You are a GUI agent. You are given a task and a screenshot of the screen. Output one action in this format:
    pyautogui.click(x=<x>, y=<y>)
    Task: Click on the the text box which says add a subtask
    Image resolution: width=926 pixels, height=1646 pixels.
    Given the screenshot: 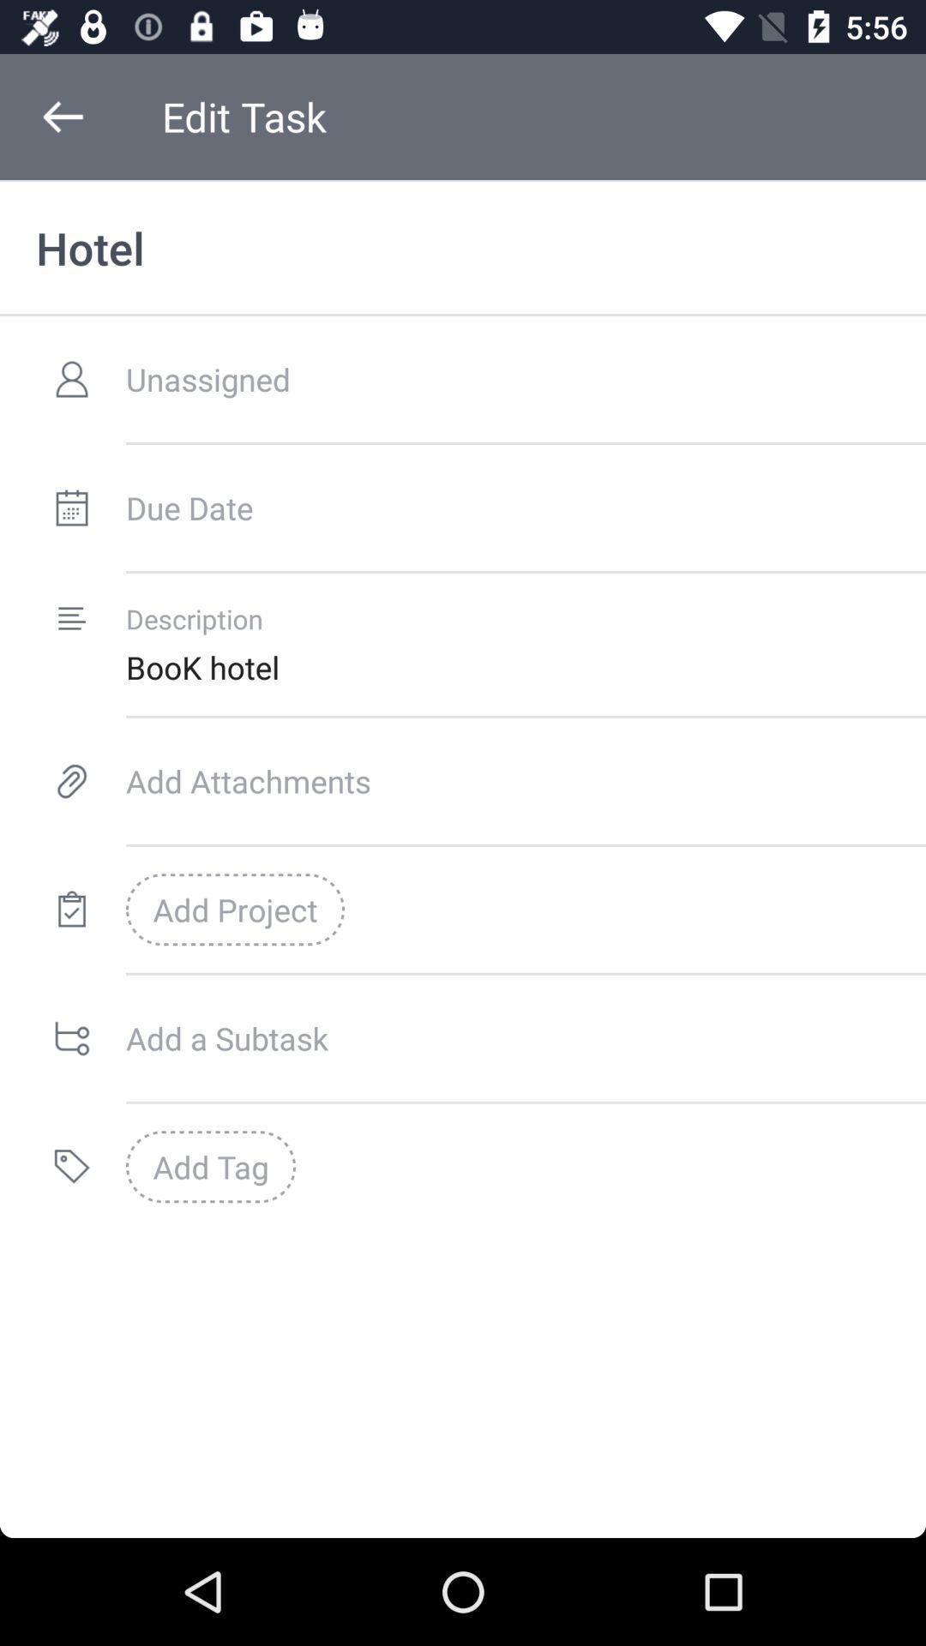 What is the action you would take?
    pyautogui.click(x=525, y=1037)
    